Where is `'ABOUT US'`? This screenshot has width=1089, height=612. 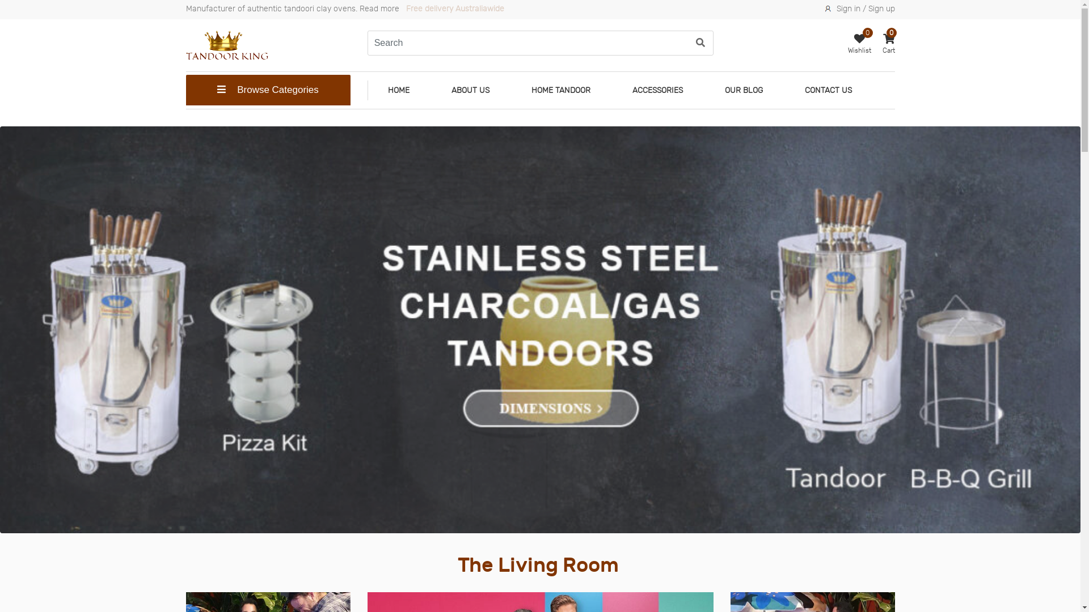 'ABOUT US' is located at coordinates (441, 90).